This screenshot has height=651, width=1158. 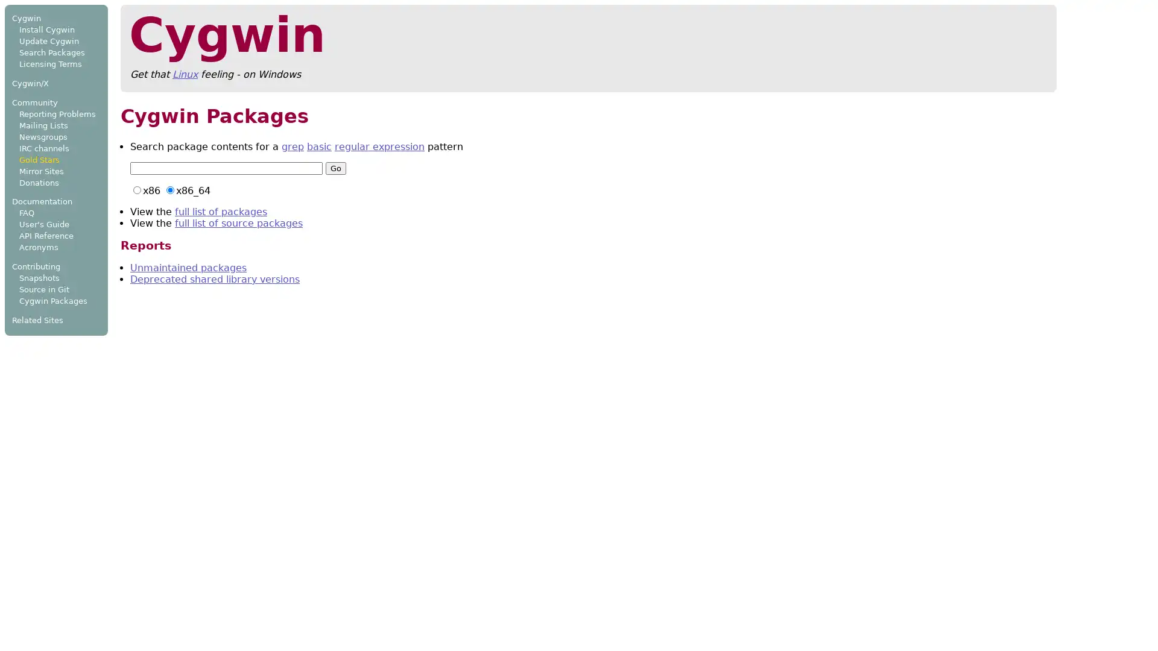 I want to click on Go, so click(x=335, y=168).